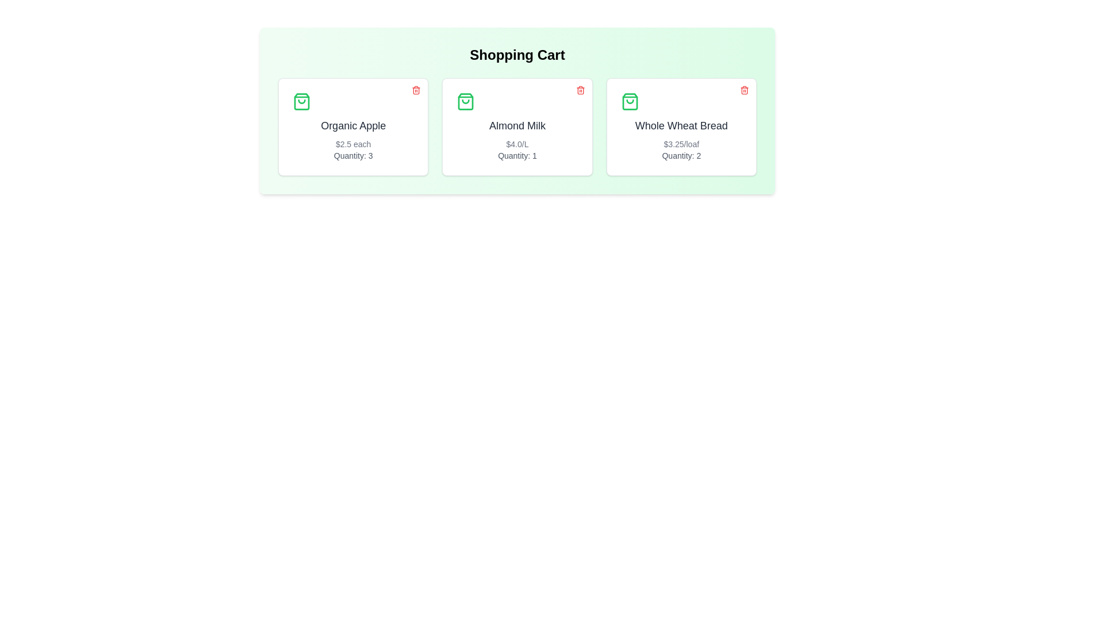 The width and height of the screenshot is (1104, 621). I want to click on the trash icon of the item named Whole Wheat Bread to remove it from the cart, so click(745, 90).